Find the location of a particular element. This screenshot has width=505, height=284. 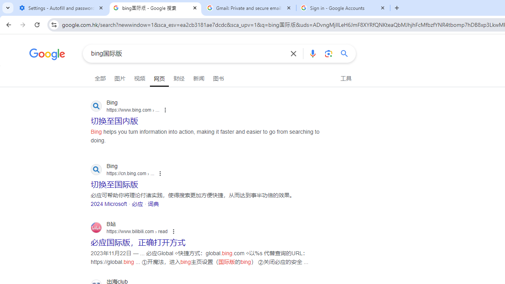

'Reload' is located at coordinates (37, 24).